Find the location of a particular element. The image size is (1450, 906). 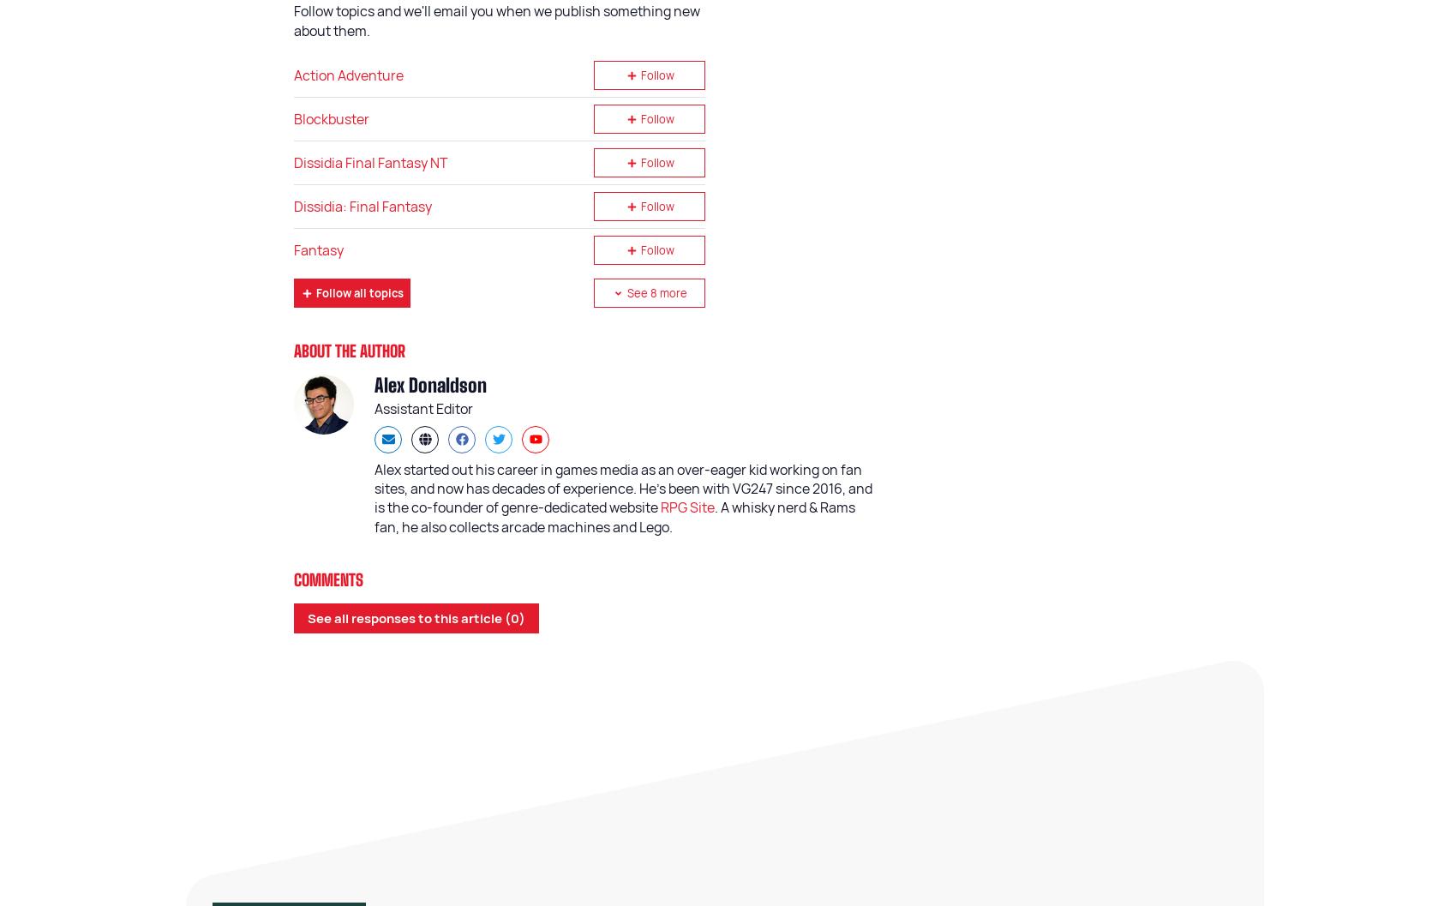

'Dissidia: Final Fantasy' is located at coordinates (362, 205).